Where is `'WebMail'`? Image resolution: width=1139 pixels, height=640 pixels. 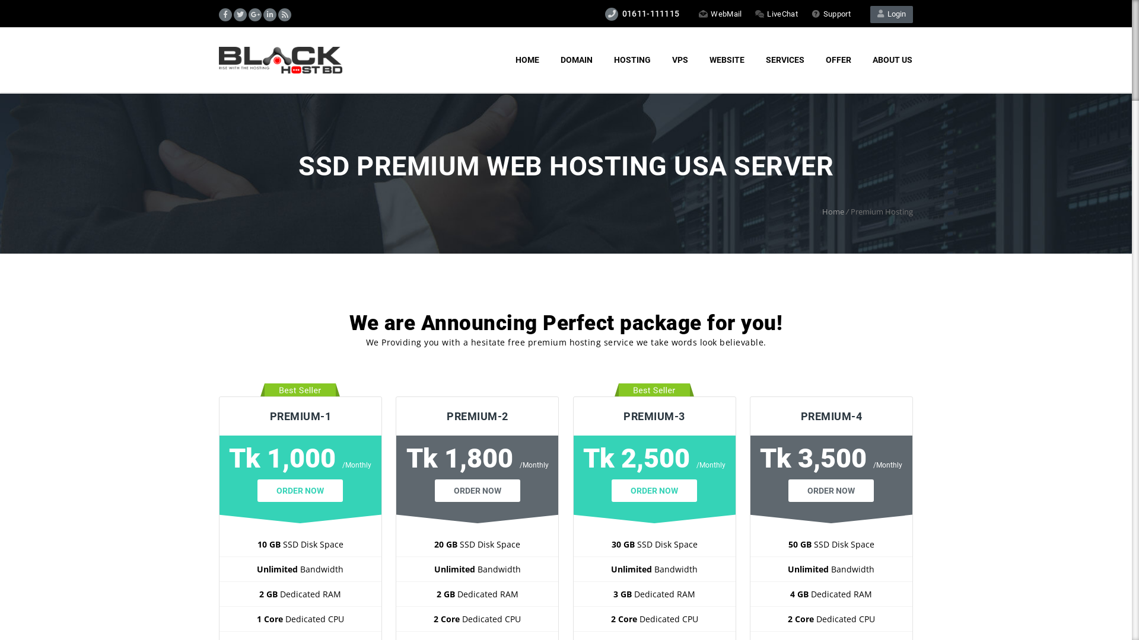 'WebMail' is located at coordinates (720, 14).